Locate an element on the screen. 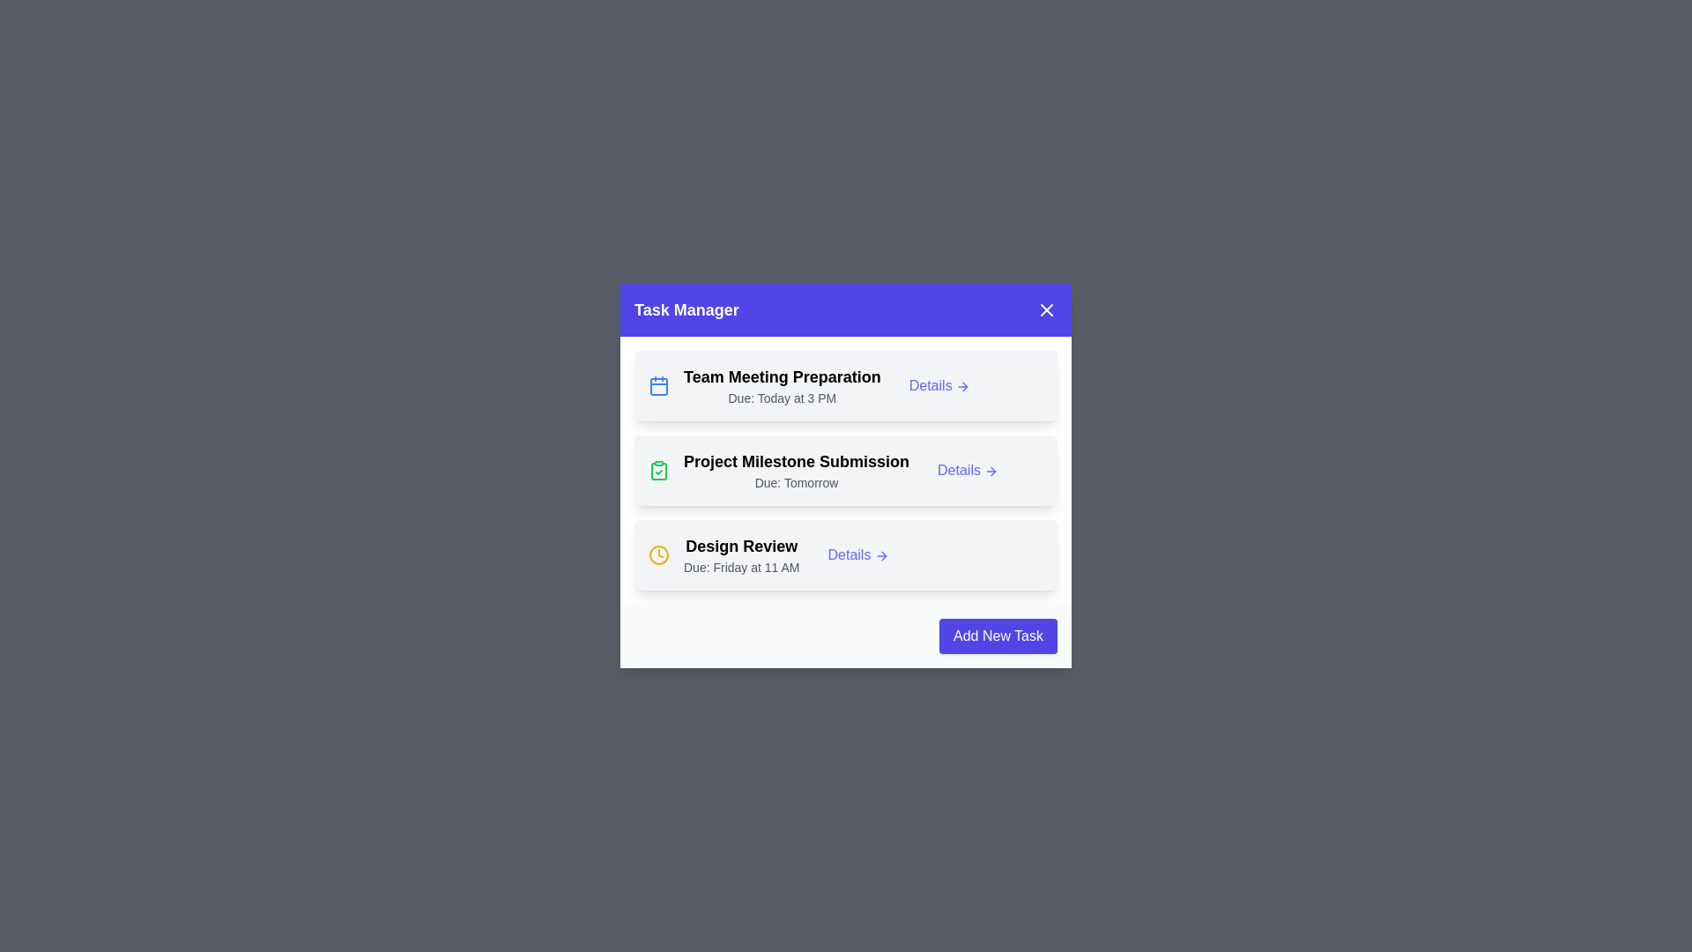 This screenshot has width=1692, height=952. the 'Details' icon located within the 'Details' button of the 'Design Review' section at the bottom of the task list, which serves as a visual indicator for accessing additional information is located at coordinates (881, 555).